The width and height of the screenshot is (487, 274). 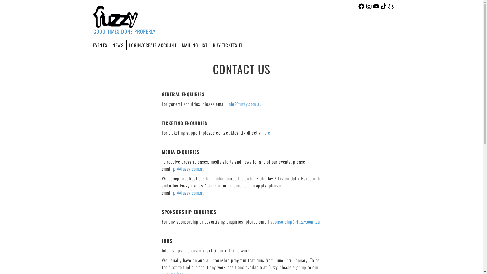 I want to click on 'EVENTS', so click(x=100, y=45).